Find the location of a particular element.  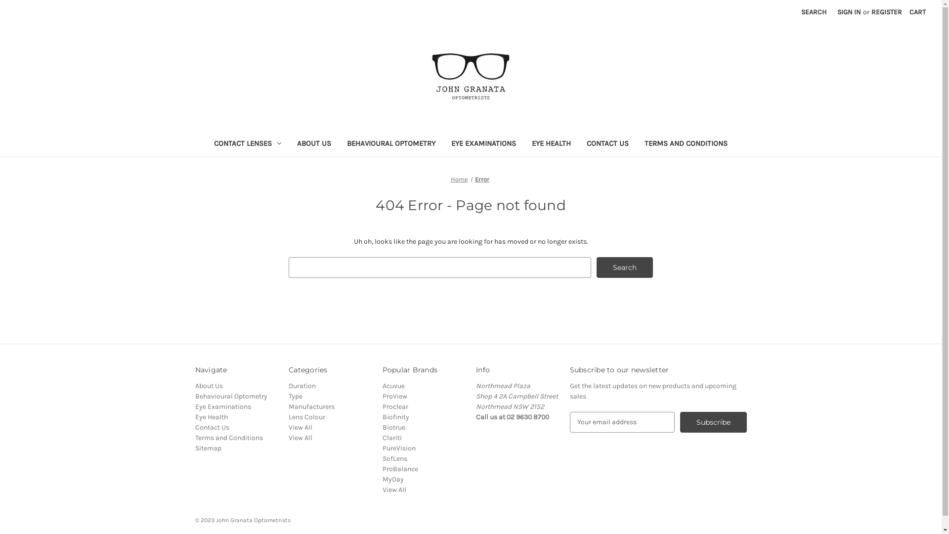

'ProView' is located at coordinates (382, 396).